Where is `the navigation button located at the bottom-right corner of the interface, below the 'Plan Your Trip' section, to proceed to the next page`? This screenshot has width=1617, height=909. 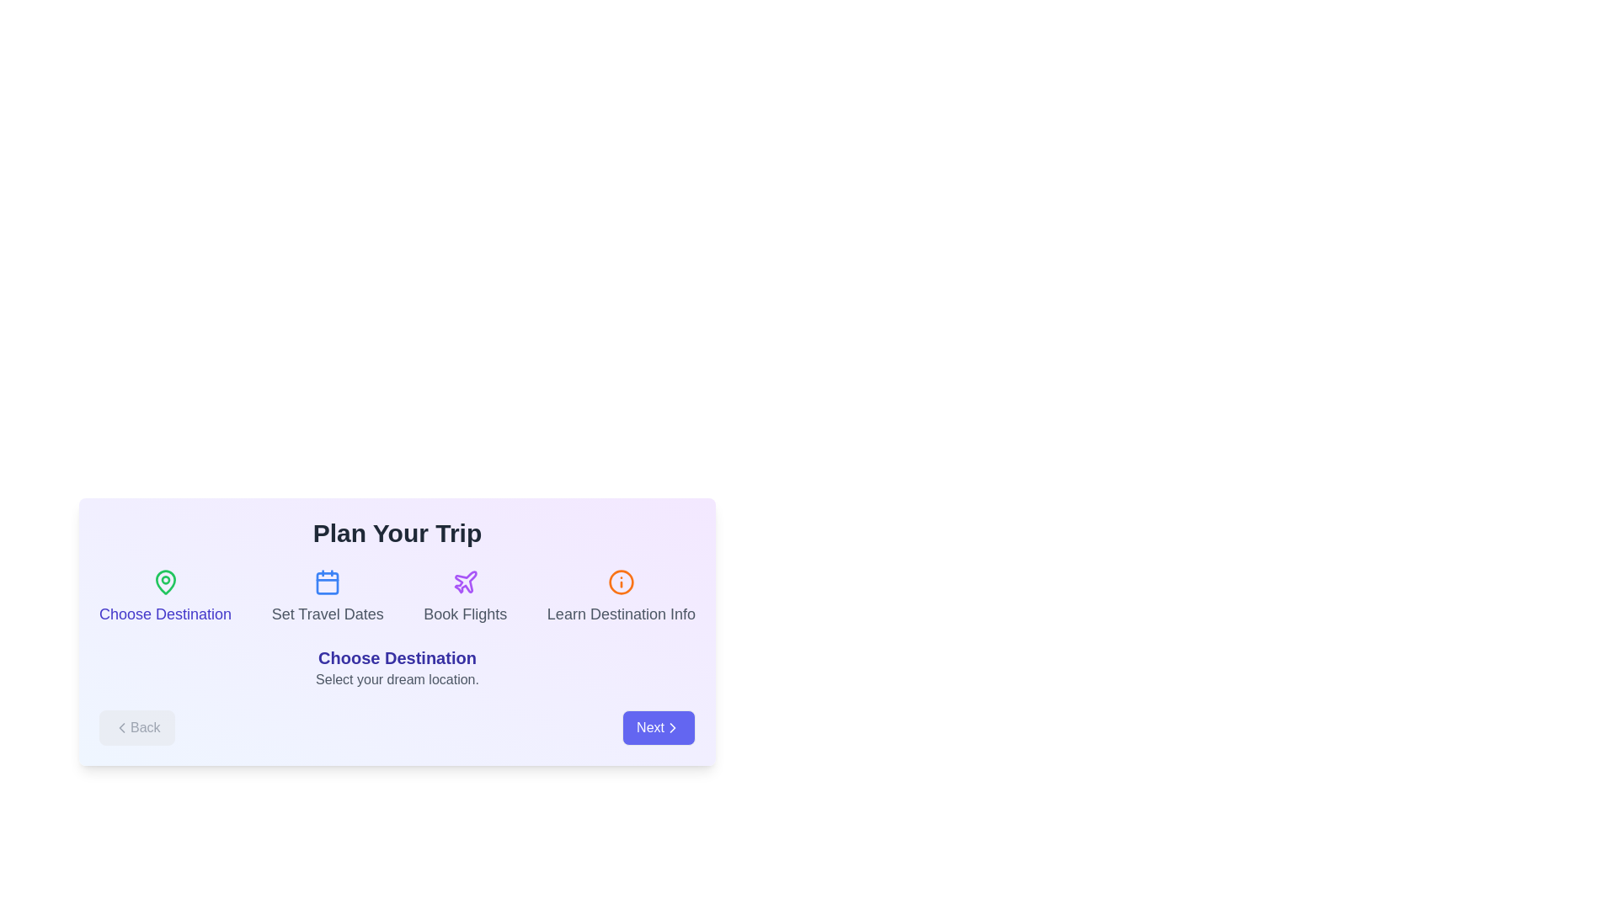
the navigation button located at the bottom-right corner of the interface, below the 'Plan Your Trip' section, to proceed to the next page is located at coordinates (658, 726).